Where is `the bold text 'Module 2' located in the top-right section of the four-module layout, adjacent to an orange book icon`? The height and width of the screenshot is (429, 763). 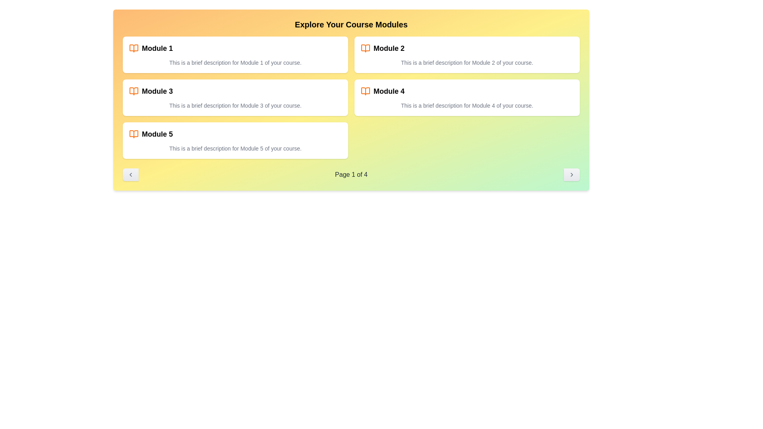 the bold text 'Module 2' located in the top-right section of the four-module layout, adjacent to an orange book icon is located at coordinates (389, 48).